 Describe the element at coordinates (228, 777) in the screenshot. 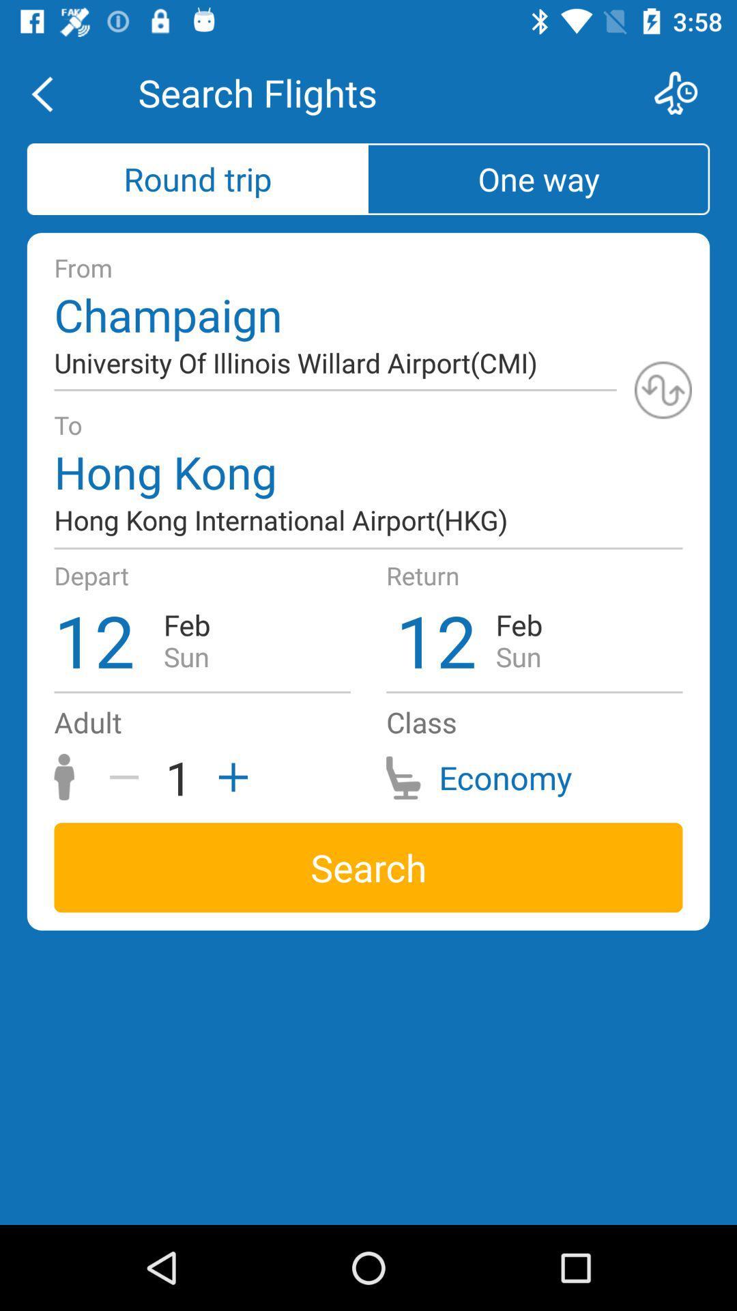

I see `the add icon` at that location.